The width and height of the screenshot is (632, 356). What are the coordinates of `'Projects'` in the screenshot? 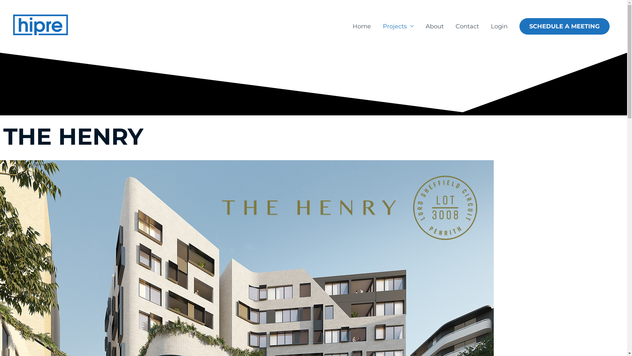 It's located at (377, 26).